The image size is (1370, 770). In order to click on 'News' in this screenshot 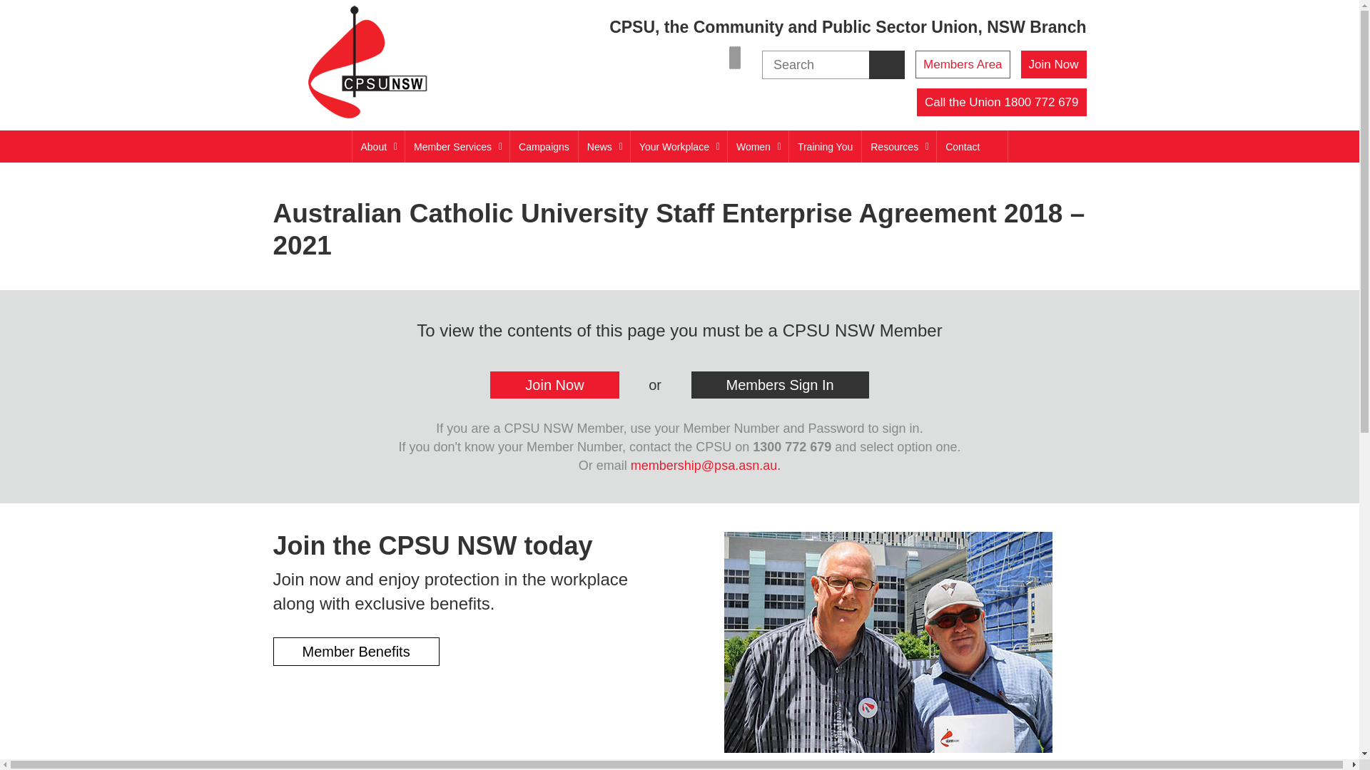, I will do `click(604, 146)`.